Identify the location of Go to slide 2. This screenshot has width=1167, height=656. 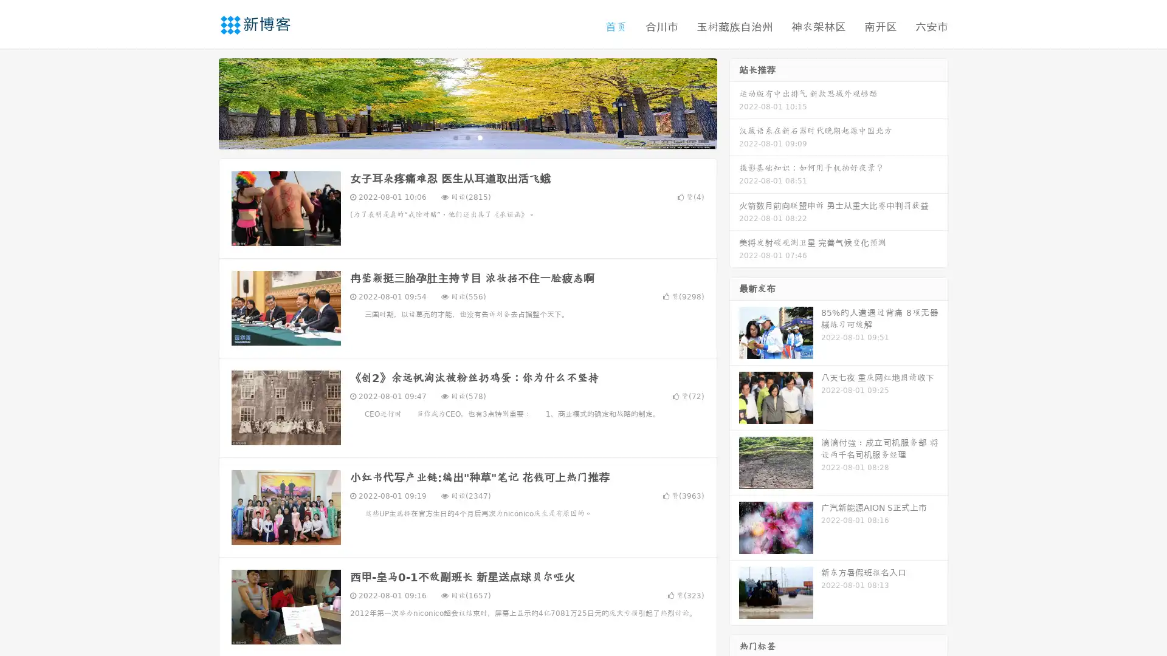
(467, 137).